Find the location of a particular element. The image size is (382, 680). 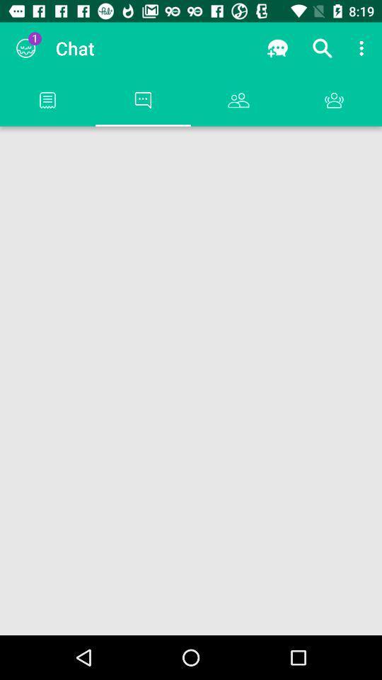

the app next to the chat is located at coordinates (278, 48).